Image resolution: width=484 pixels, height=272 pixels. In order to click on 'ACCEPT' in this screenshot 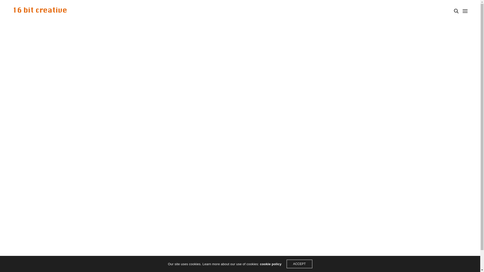, I will do `click(299, 264)`.